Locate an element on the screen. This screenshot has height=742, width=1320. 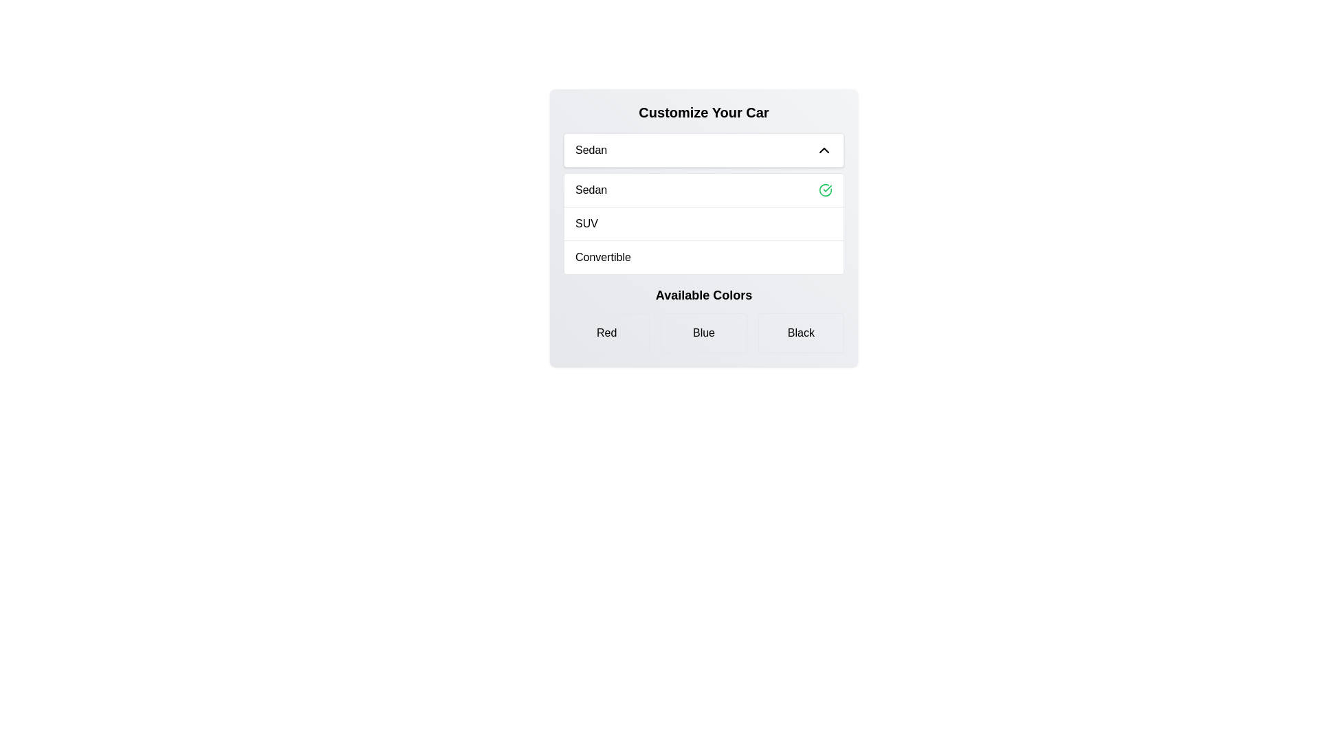
the 'SUV' option in the dropdown menu using keyboard navigation is located at coordinates (703, 227).